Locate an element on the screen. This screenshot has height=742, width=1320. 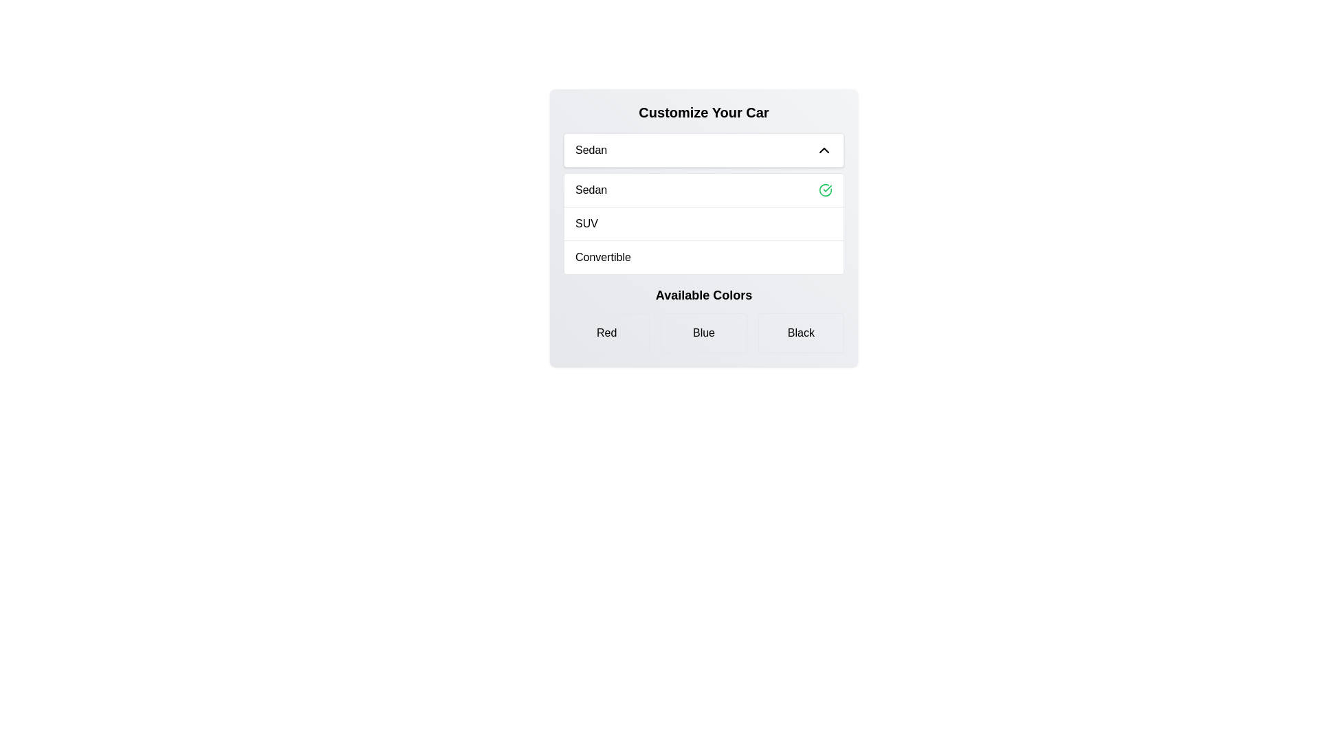
the 'SUV' option in the dropdown menu using keyboard navigation is located at coordinates (703, 227).